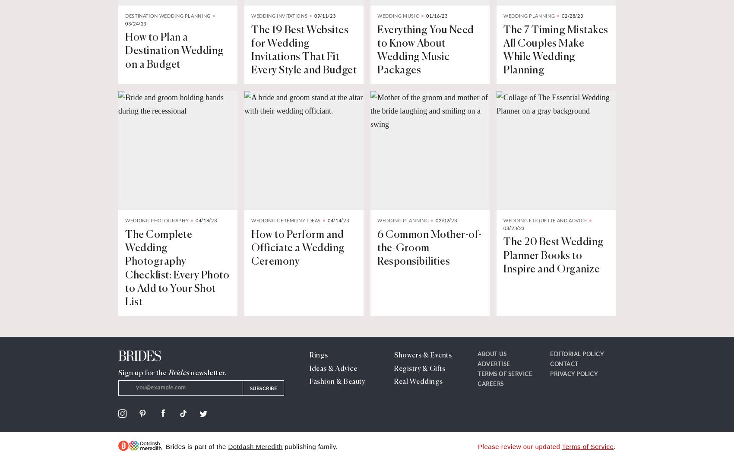 The width and height of the screenshot is (734, 452). Describe the element at coordinates (189, 373) in the screenshot. I see `'newsletter.'` at that location.